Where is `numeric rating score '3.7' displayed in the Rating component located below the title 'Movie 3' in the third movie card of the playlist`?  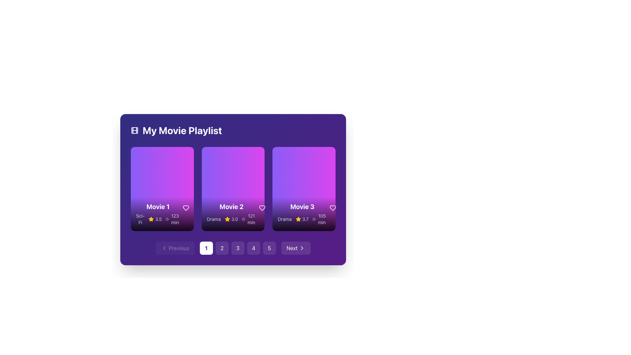
numeric rating score '3.7' displayed in the Rating component located below the title 'Movie 3' in the third movie card of the playlist is located at coordinates (302, 219).